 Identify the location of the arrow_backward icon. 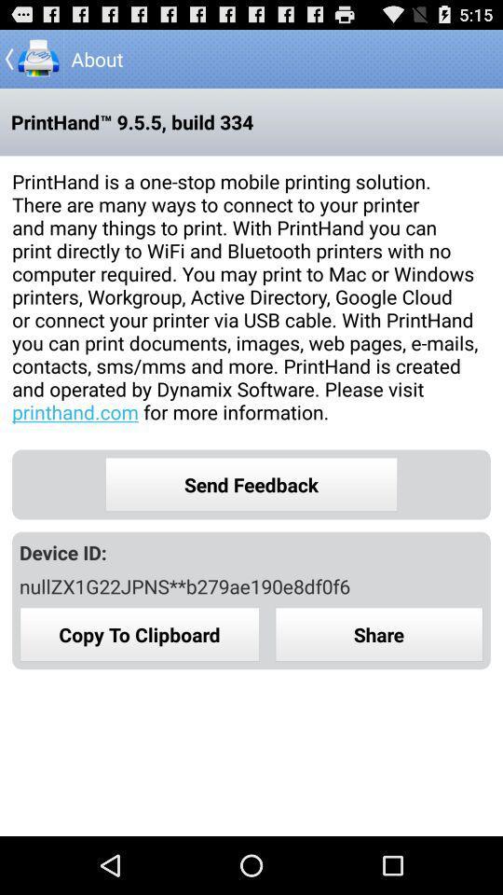
(31, 62).